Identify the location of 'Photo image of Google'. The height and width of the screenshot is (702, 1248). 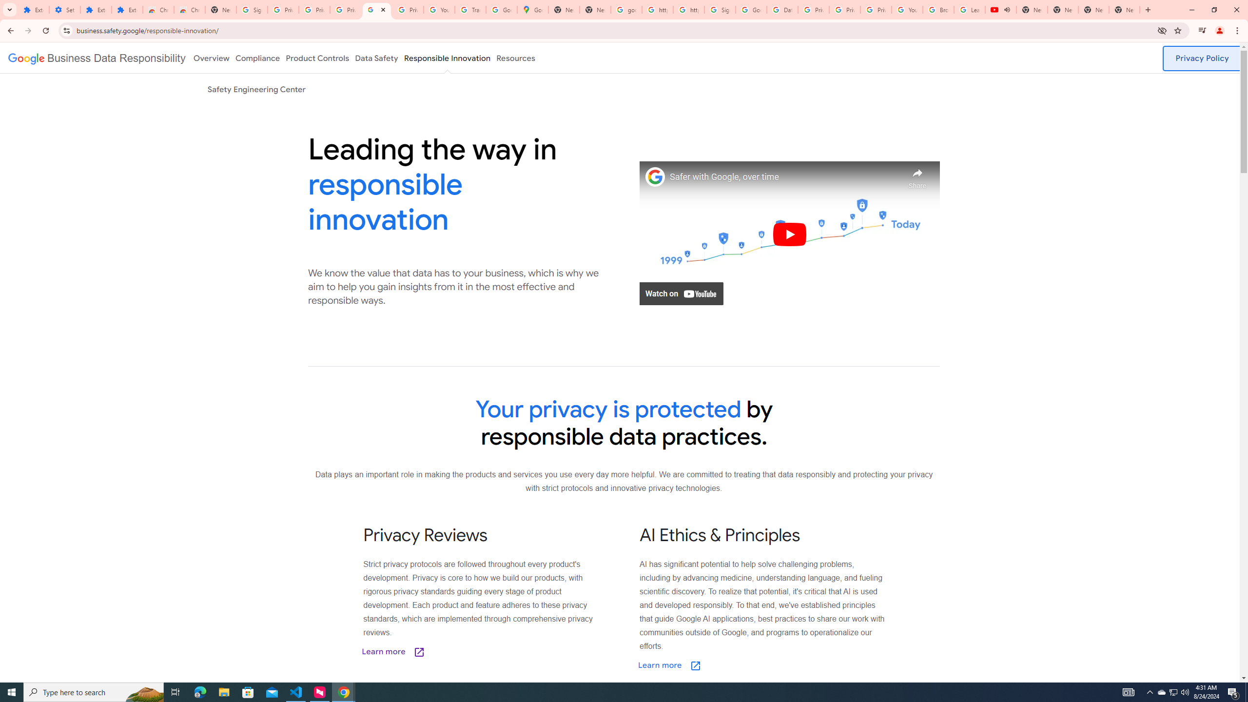
(655, 176).